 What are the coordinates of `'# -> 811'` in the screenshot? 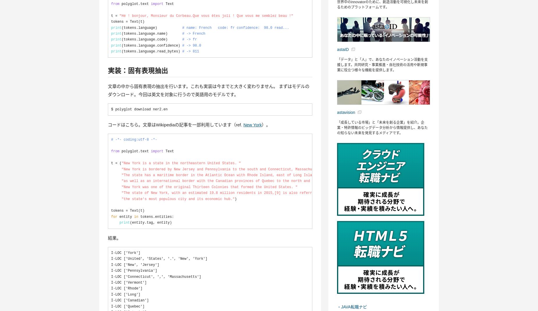 It's located at (190, 51).